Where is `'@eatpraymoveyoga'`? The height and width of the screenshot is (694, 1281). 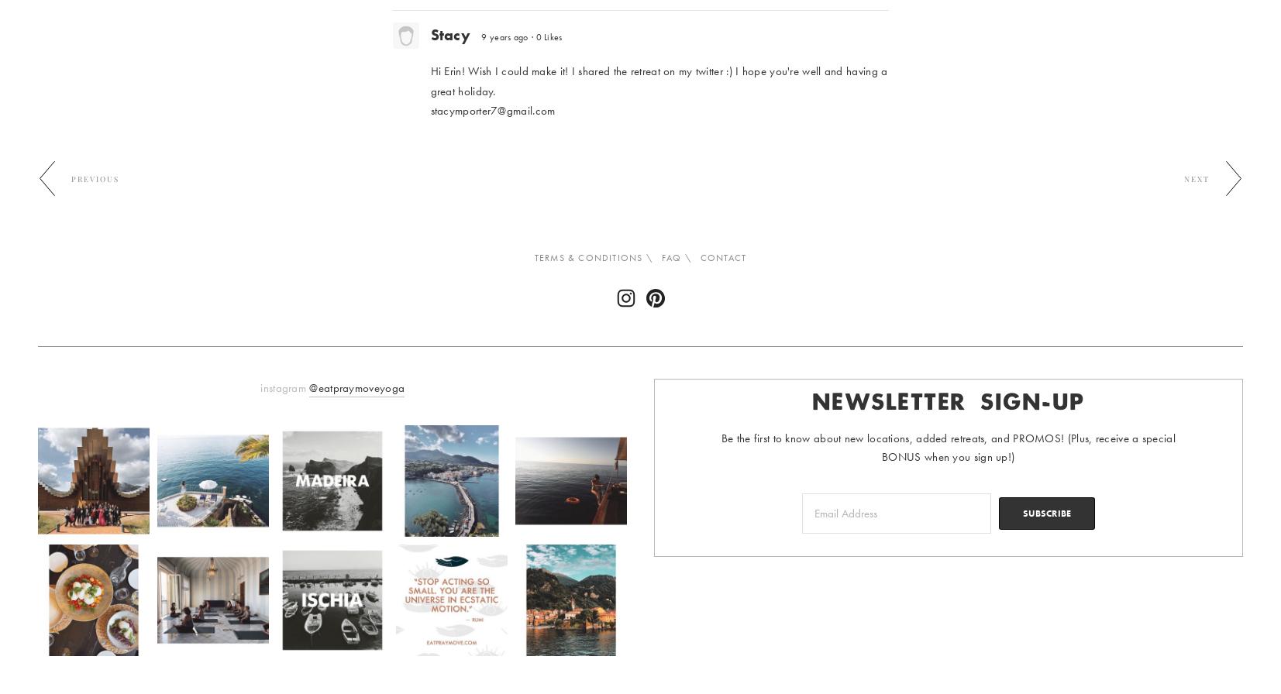 '@eatpraymoveyoga' is located at coordinates (356, 388).